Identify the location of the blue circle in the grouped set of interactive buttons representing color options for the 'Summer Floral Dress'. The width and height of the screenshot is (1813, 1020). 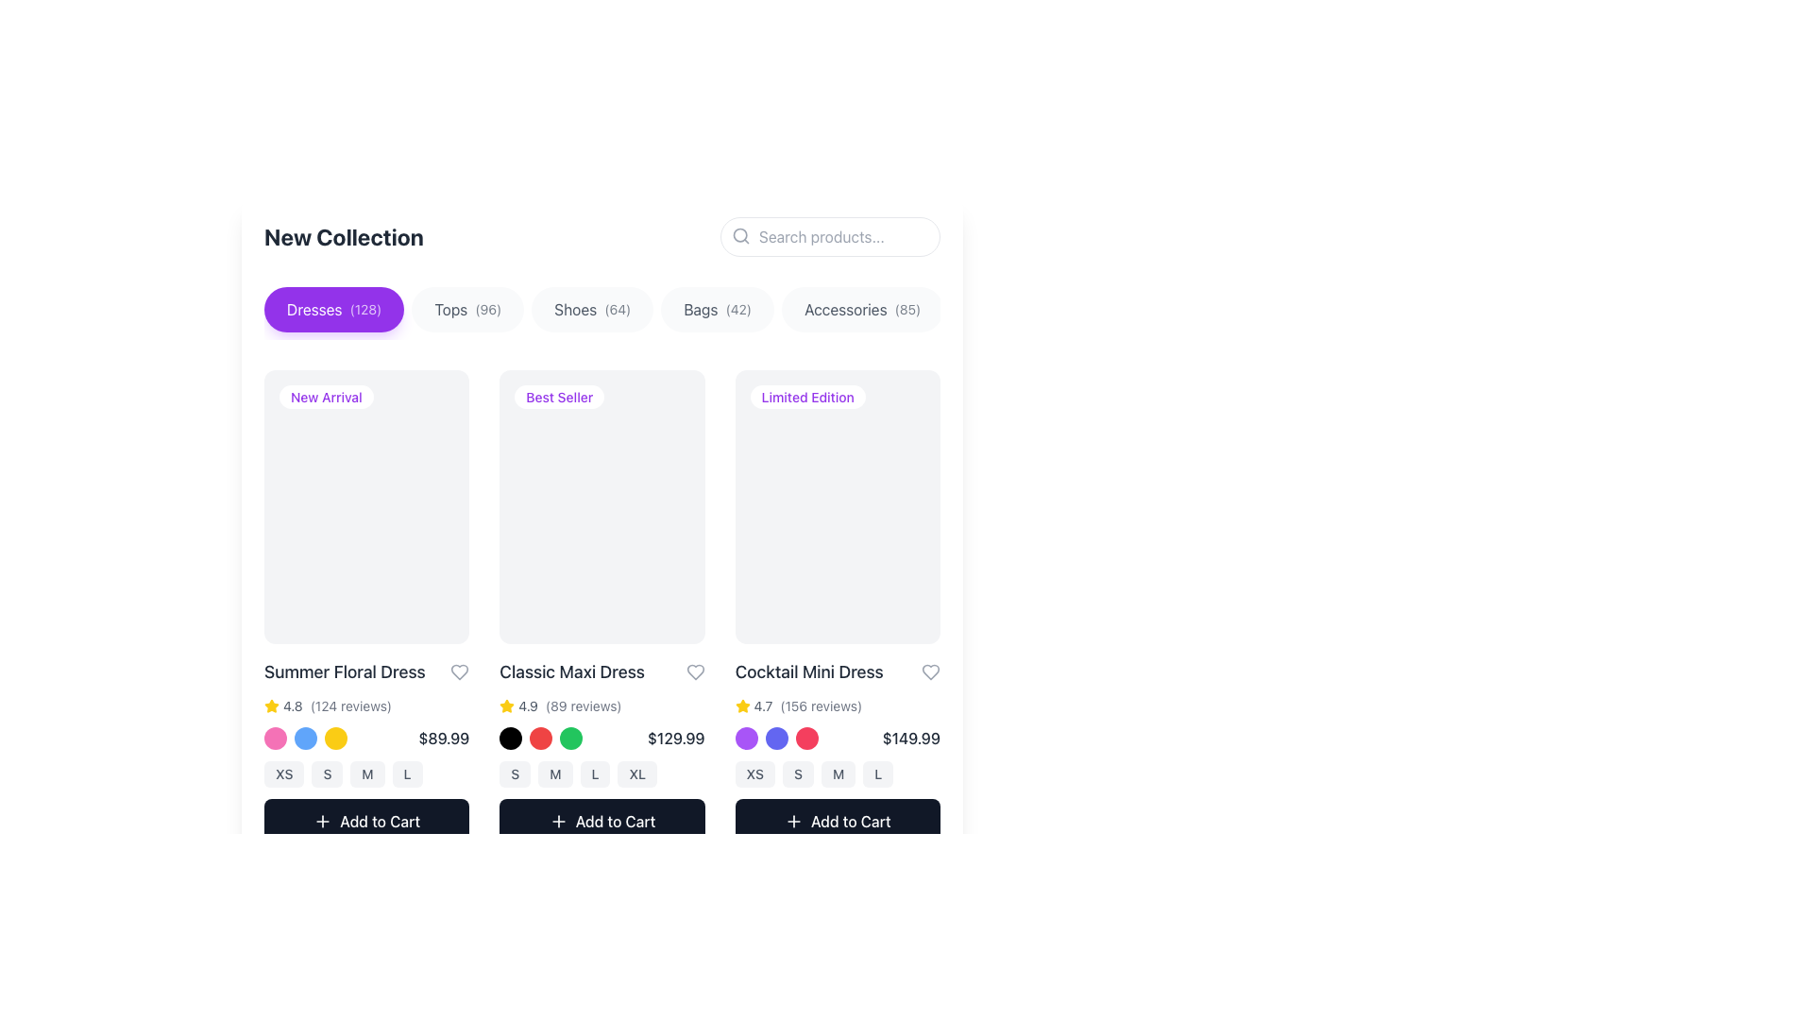
(306, 736).